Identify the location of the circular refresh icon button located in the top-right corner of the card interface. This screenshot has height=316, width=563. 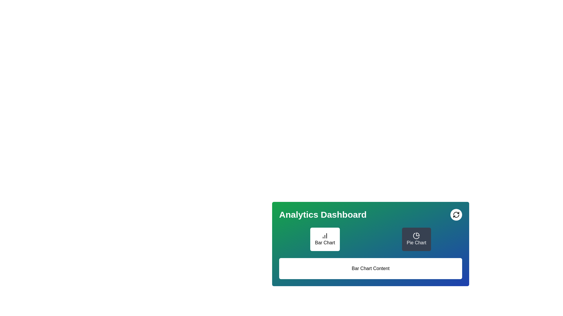
(456, 214).